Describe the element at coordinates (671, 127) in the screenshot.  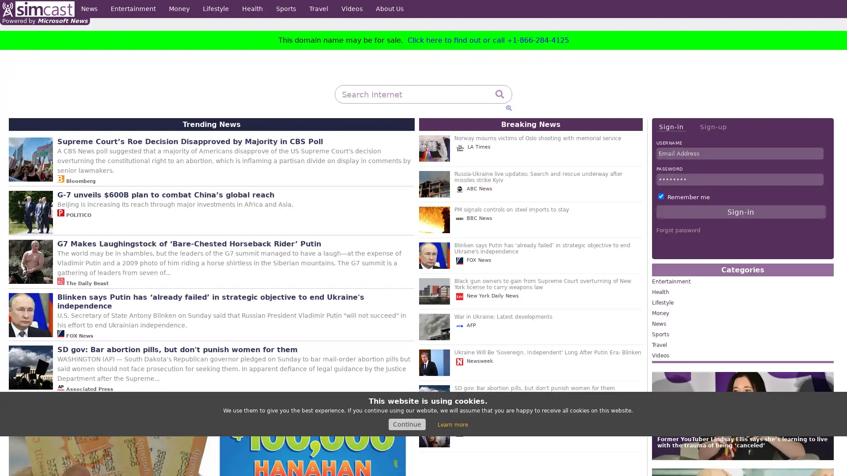
I see `Sign-in` at that location.